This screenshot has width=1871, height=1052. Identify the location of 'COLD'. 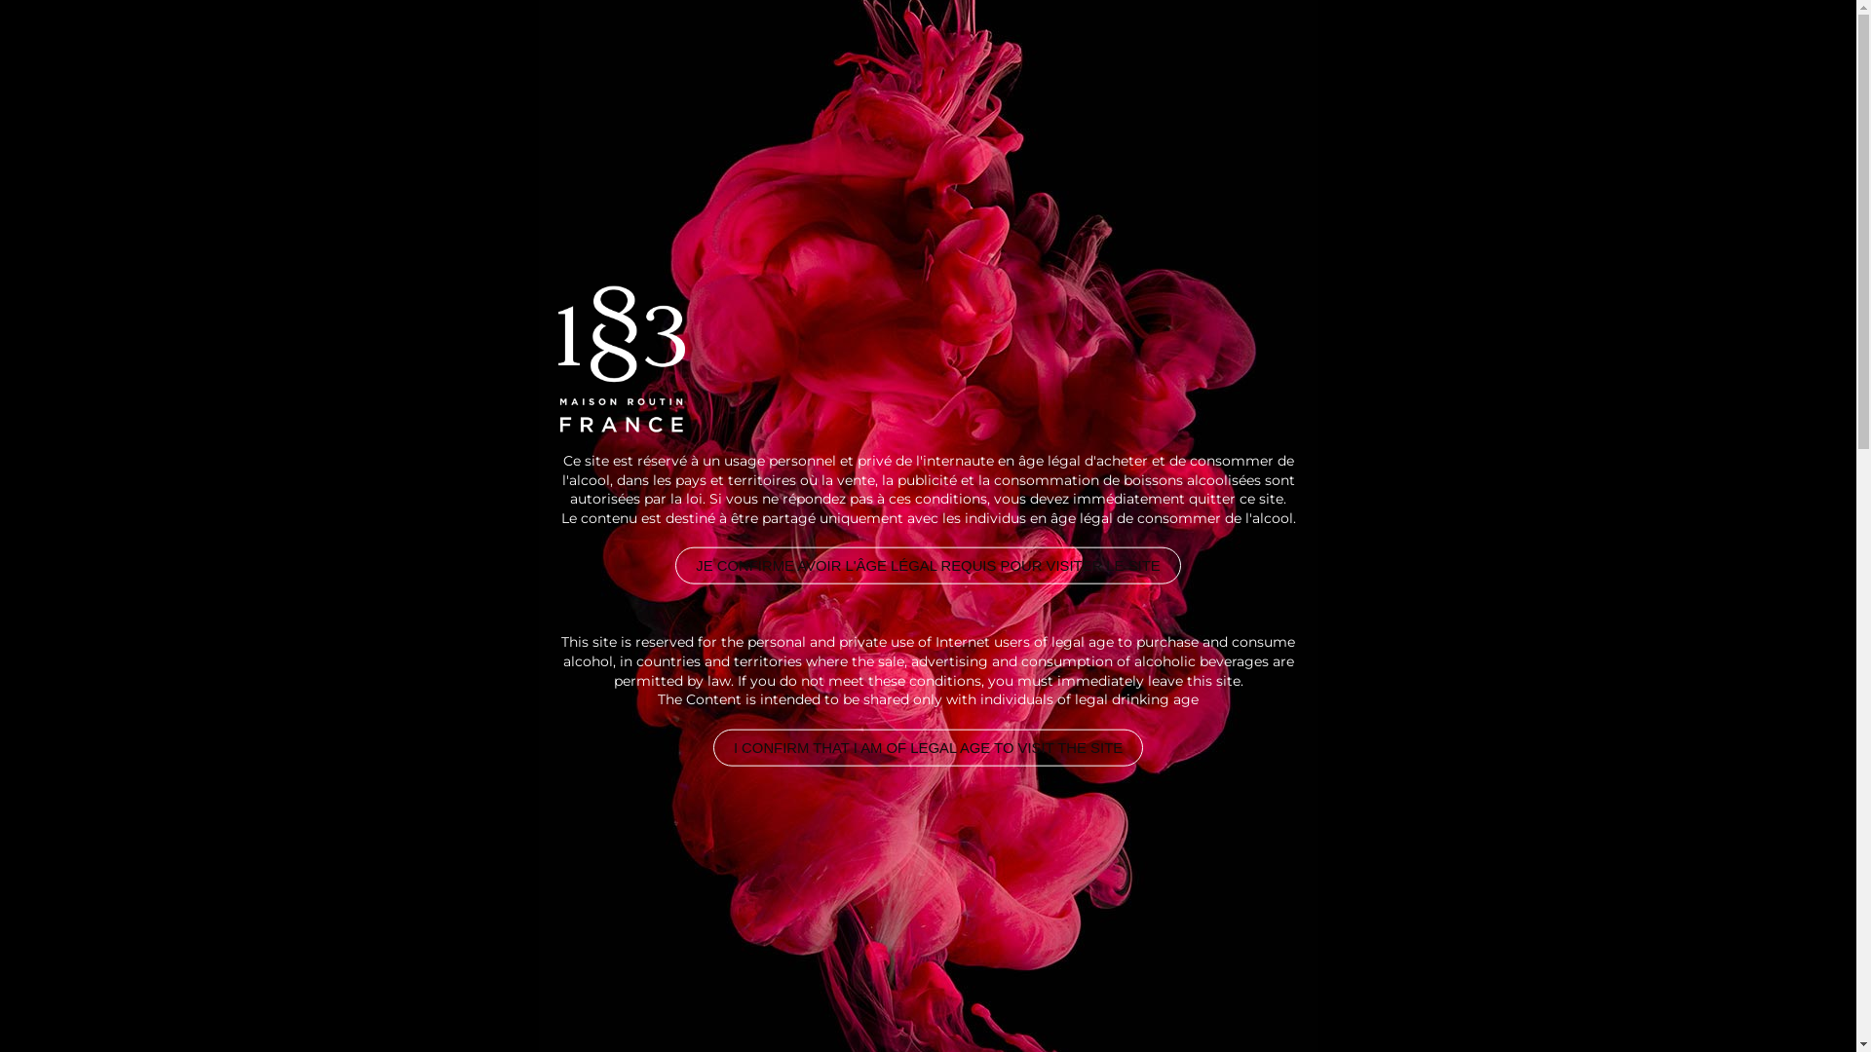
(429, 289).